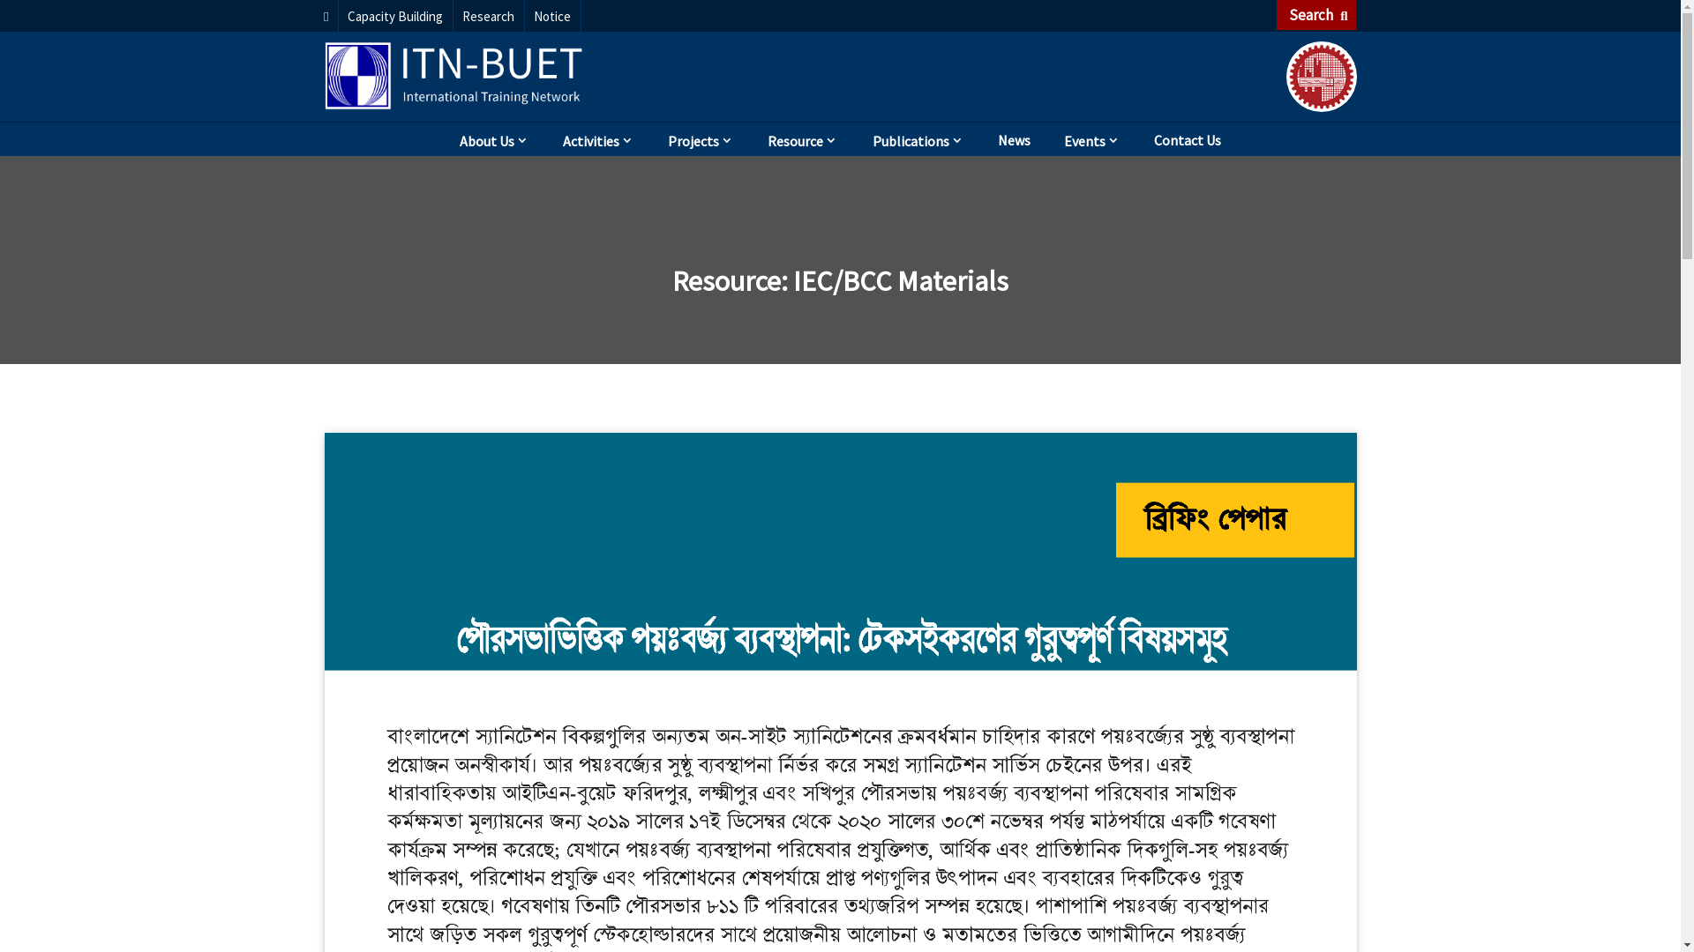  I want to click on 'logo-buet-1', so click(1321, 76).